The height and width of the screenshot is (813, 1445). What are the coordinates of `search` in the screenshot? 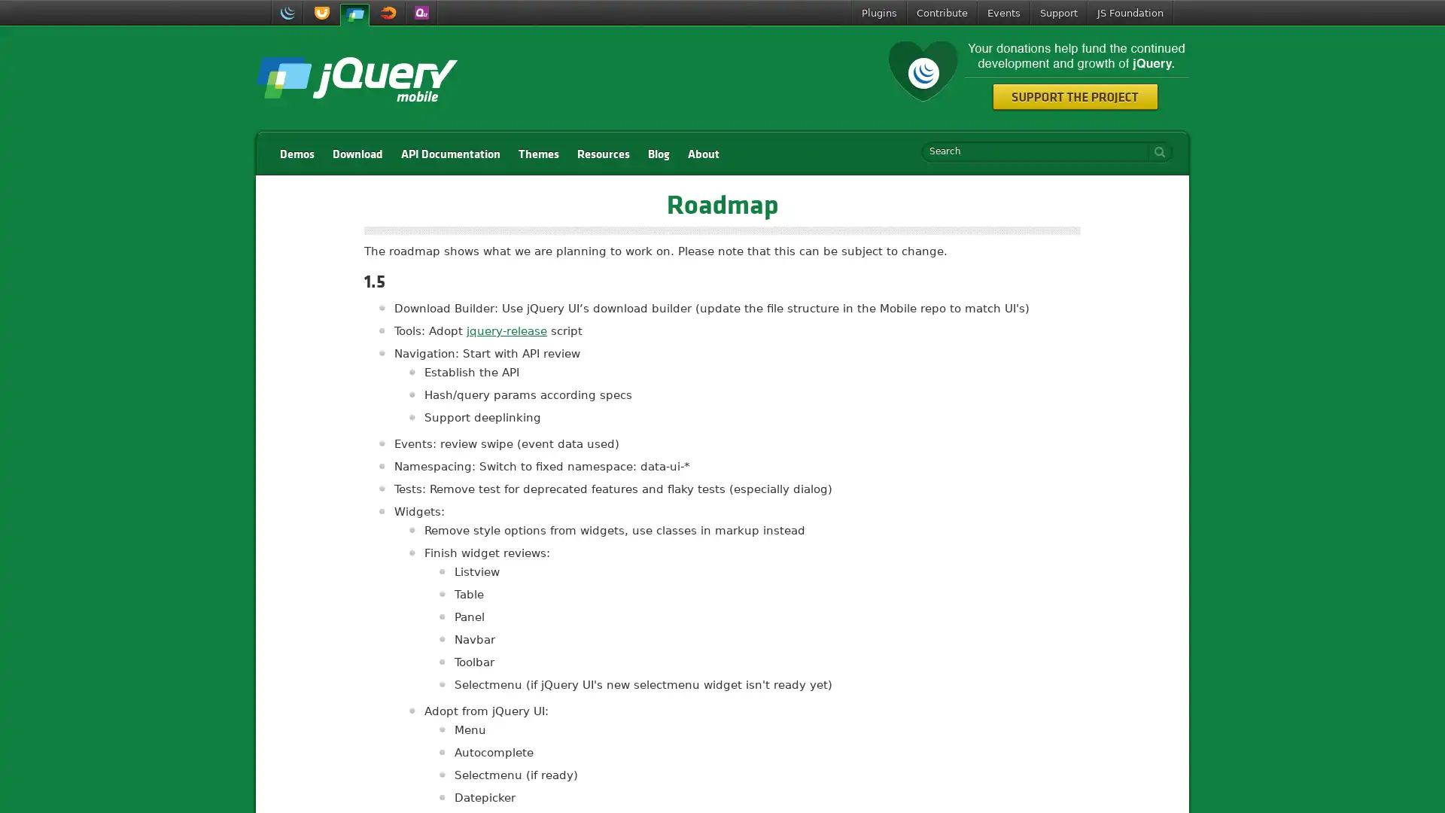 It's located at (1155, 151).